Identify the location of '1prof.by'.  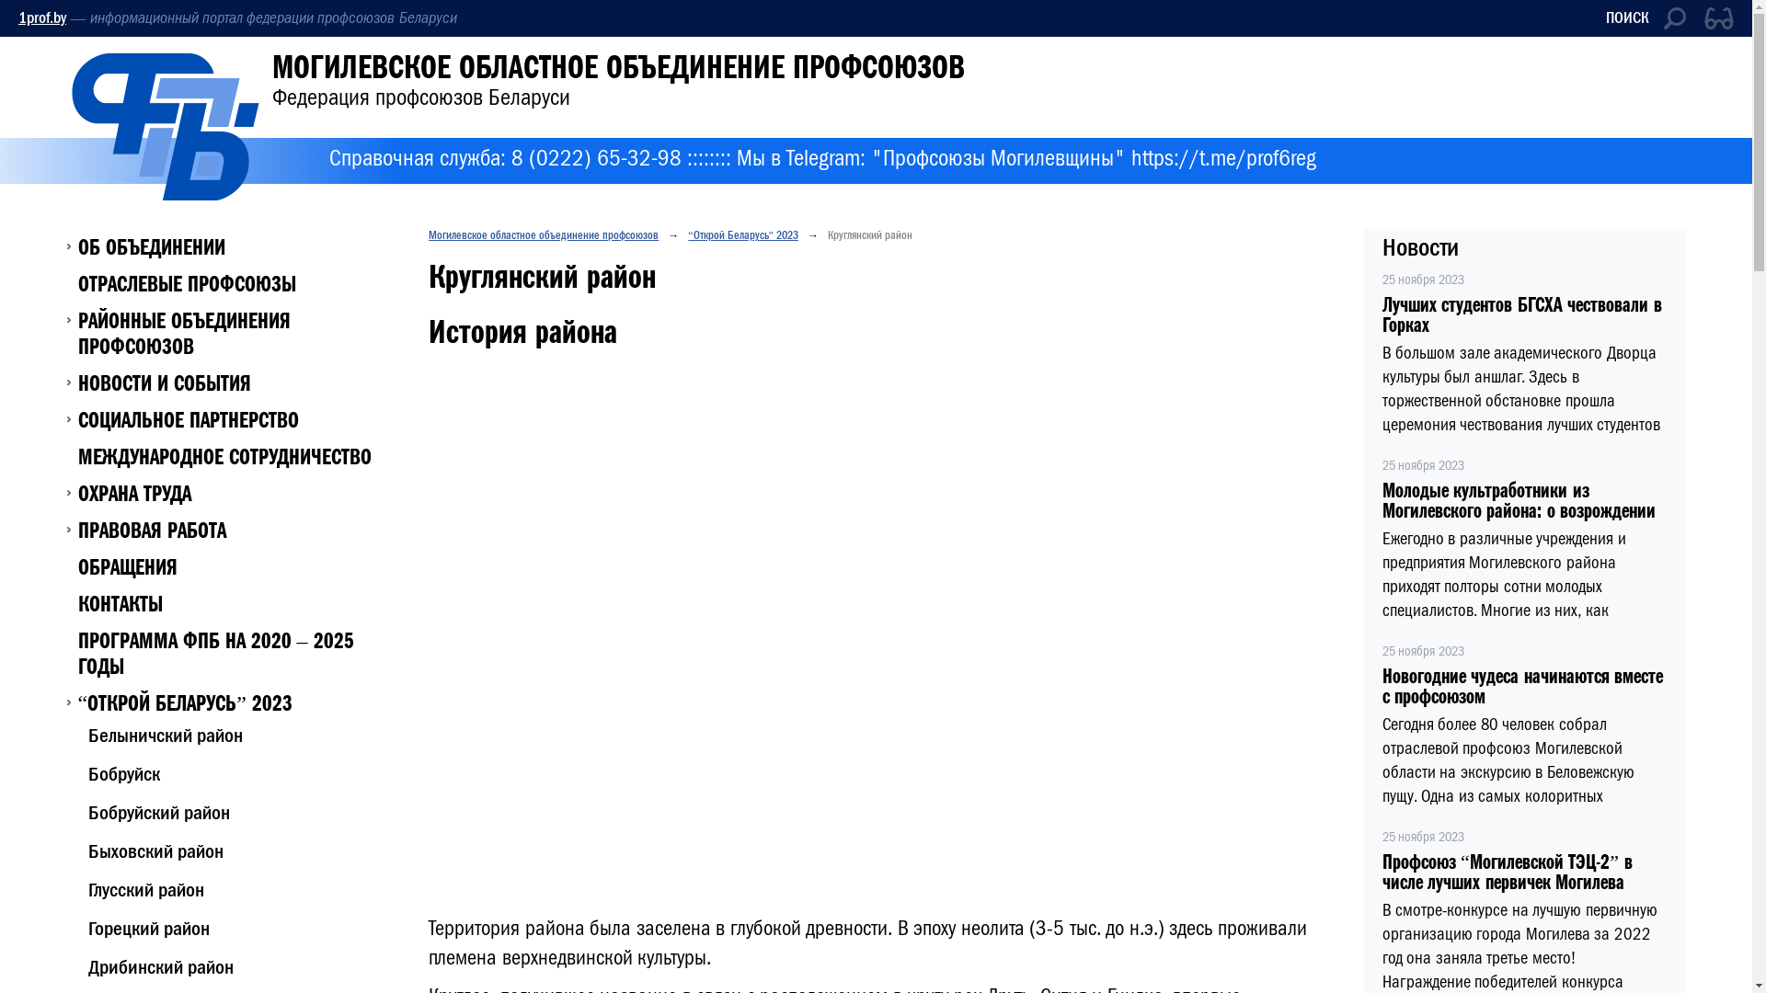
(42, 17).